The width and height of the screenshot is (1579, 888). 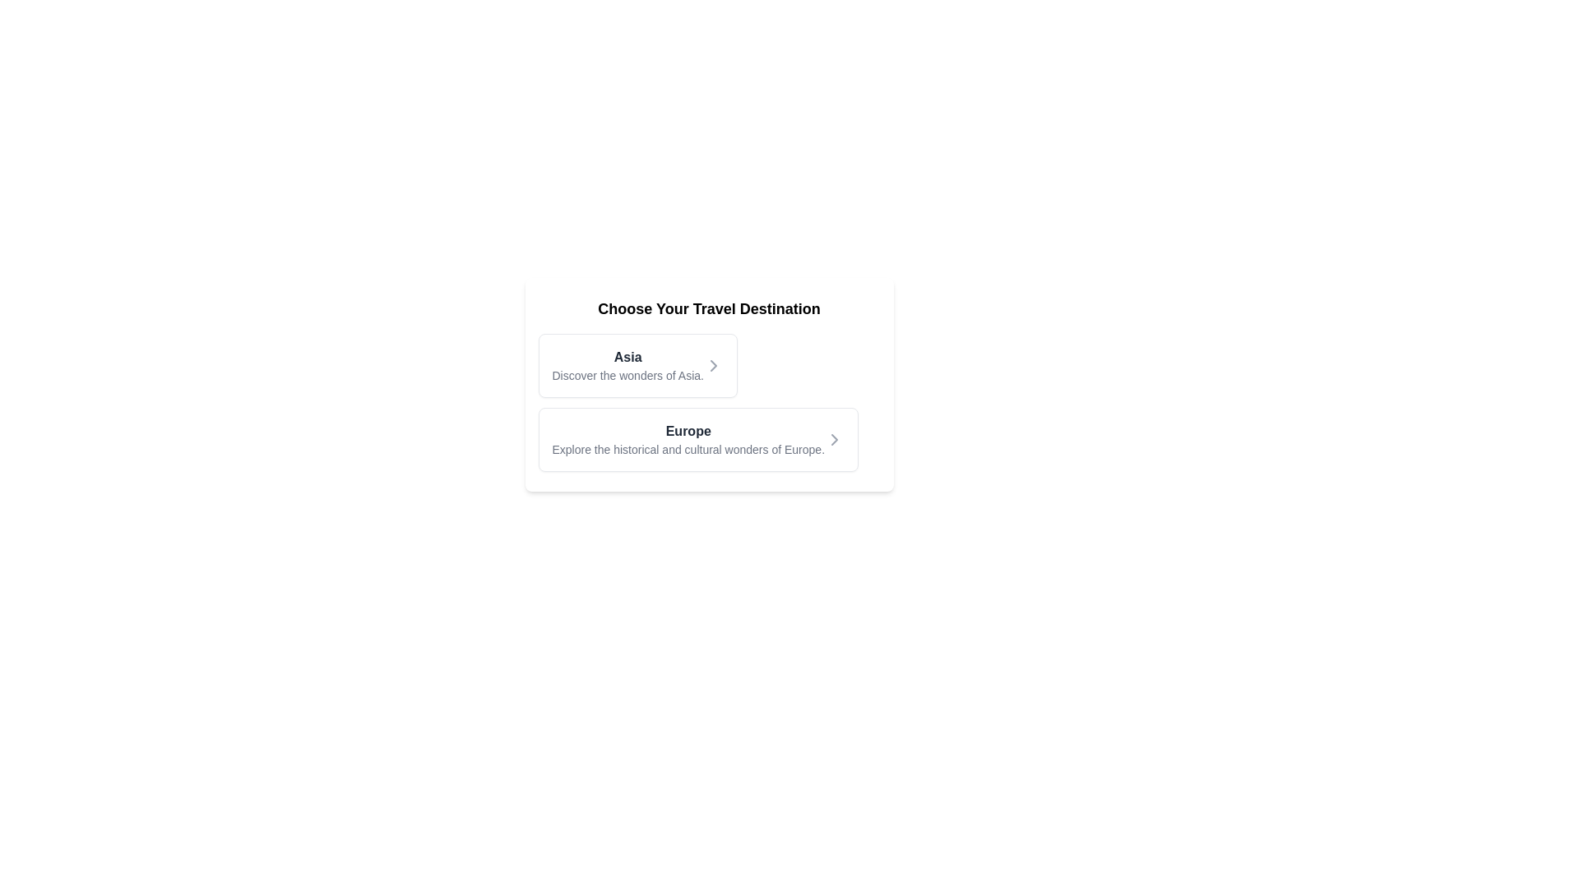 What do you see at coordinates (627, 364) in the screenshot?
I see `the Text Information Block that provides the name and tagline for the Asia travel category, positioned at the top of the travel destinations list` at bounding box center [627, 364].